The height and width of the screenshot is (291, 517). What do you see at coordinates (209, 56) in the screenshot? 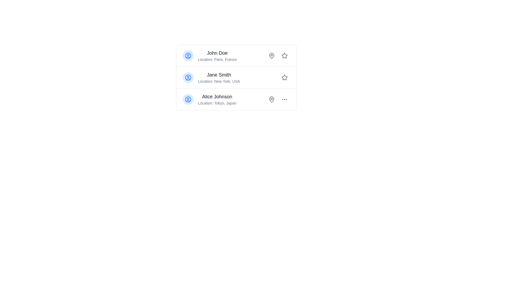
I see `the profile display for 'John Doe', which is the first entry in the user profiles list` at bounding box center [209, 56].